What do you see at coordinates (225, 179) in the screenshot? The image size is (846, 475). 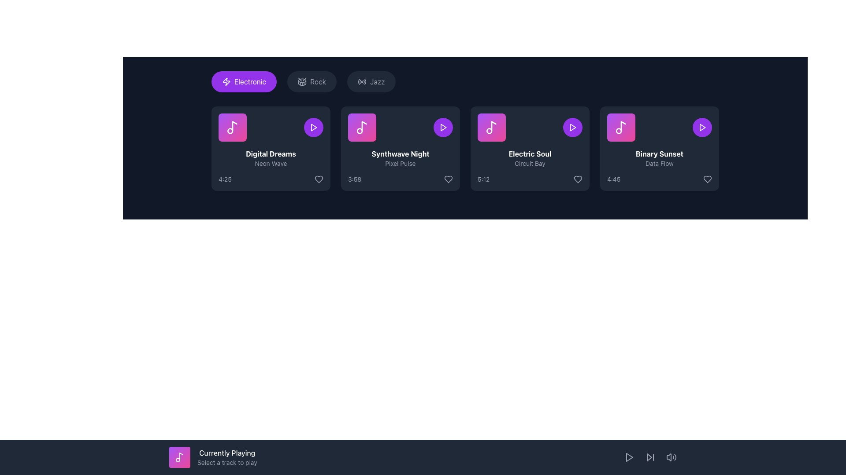 I see `the text label displaying the duration or time associated with the 'Digital Dreams' card, located at the bottom left corner next to the heart icon` at bounding box center [225, 179].